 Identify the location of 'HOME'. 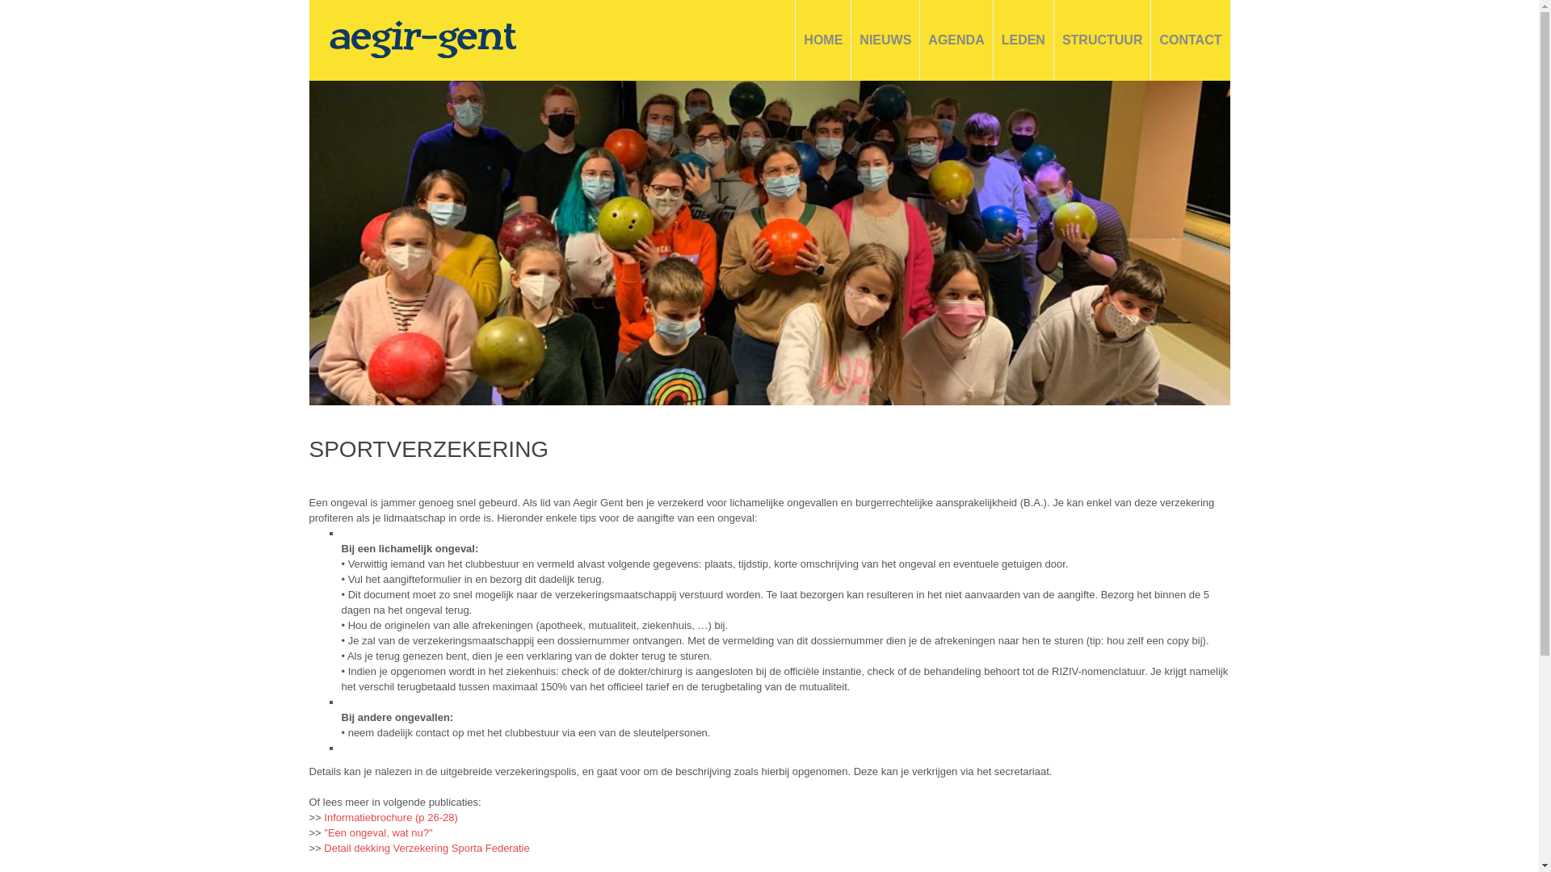
(822, 40).